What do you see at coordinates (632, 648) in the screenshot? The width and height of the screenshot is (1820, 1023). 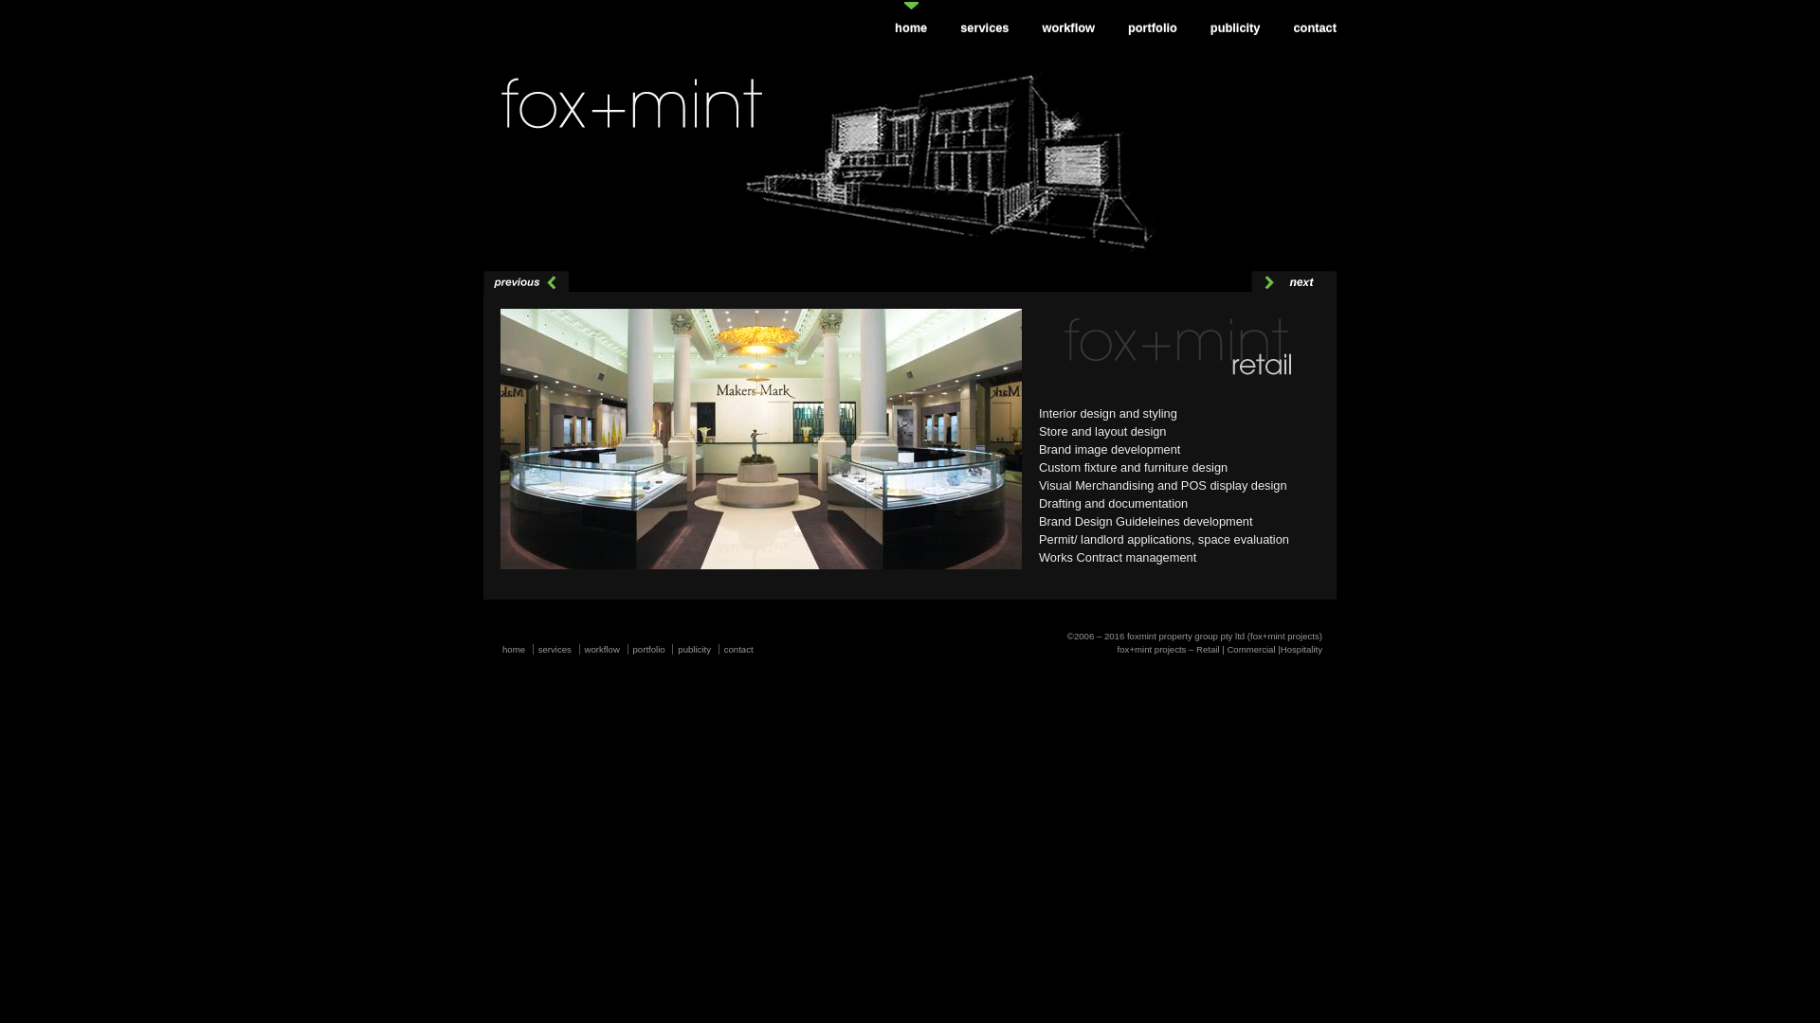 I see `'portfolio'` at bounding box center [632, 648].